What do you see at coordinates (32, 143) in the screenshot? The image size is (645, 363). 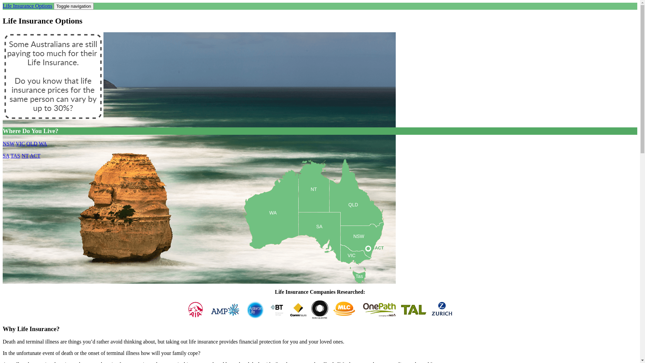 I see `'QLD'` at bounding box center [32, 143].